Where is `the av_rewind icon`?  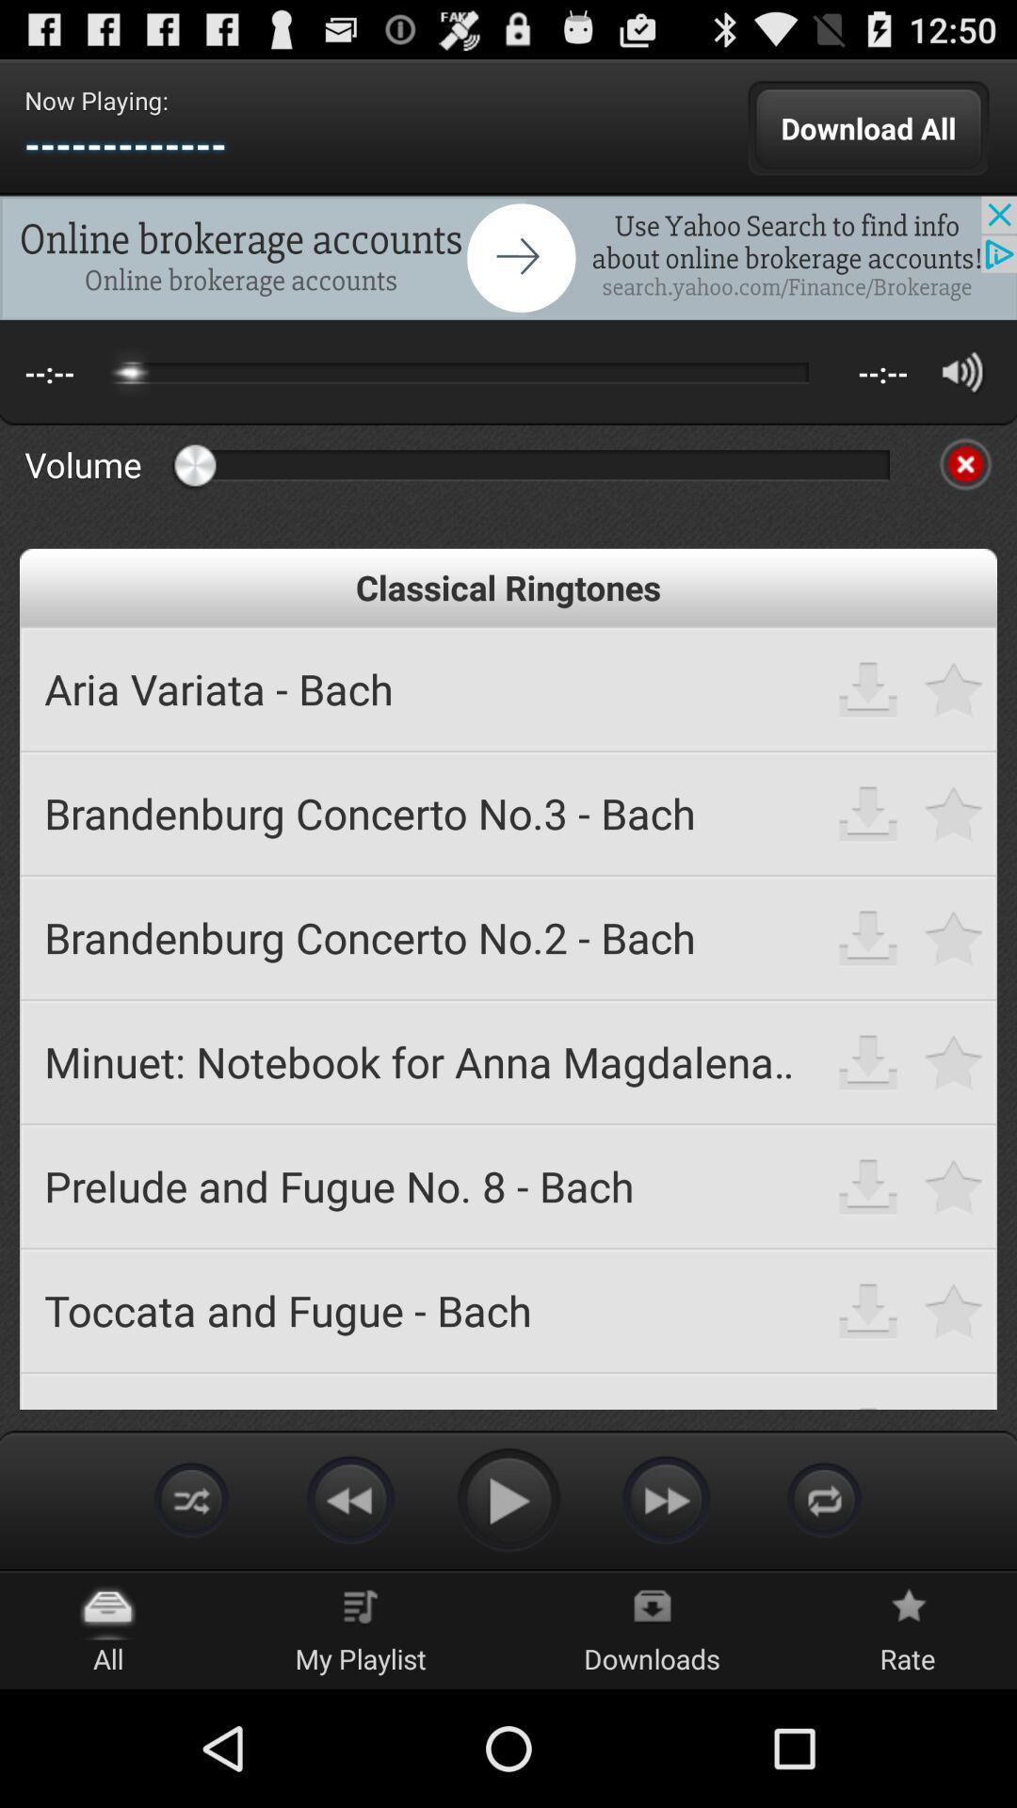
the av_rewind icon is located at coordinates (349, 1604).